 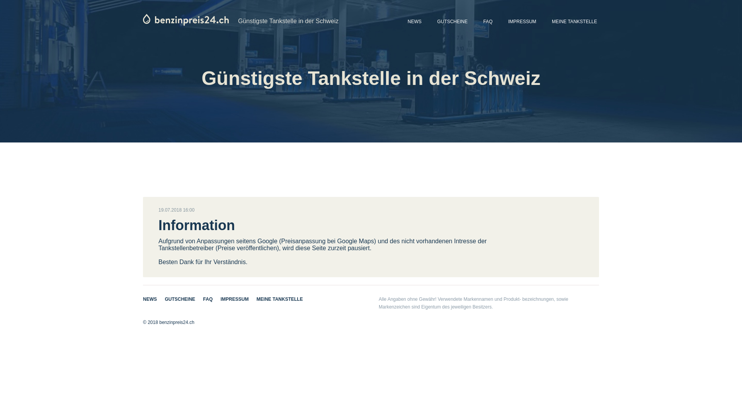 I want to click on 'MEINE TANKSTELLE', so click(x=574, y=22).